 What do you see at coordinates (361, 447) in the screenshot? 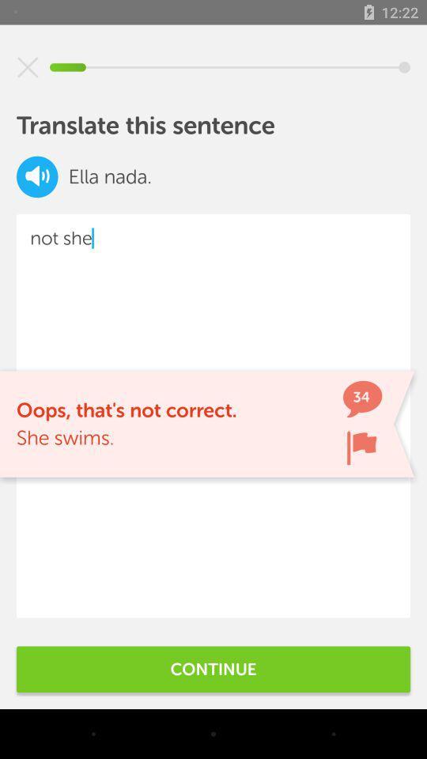
I see `flag sentence error` at bounding box center [361, 447].